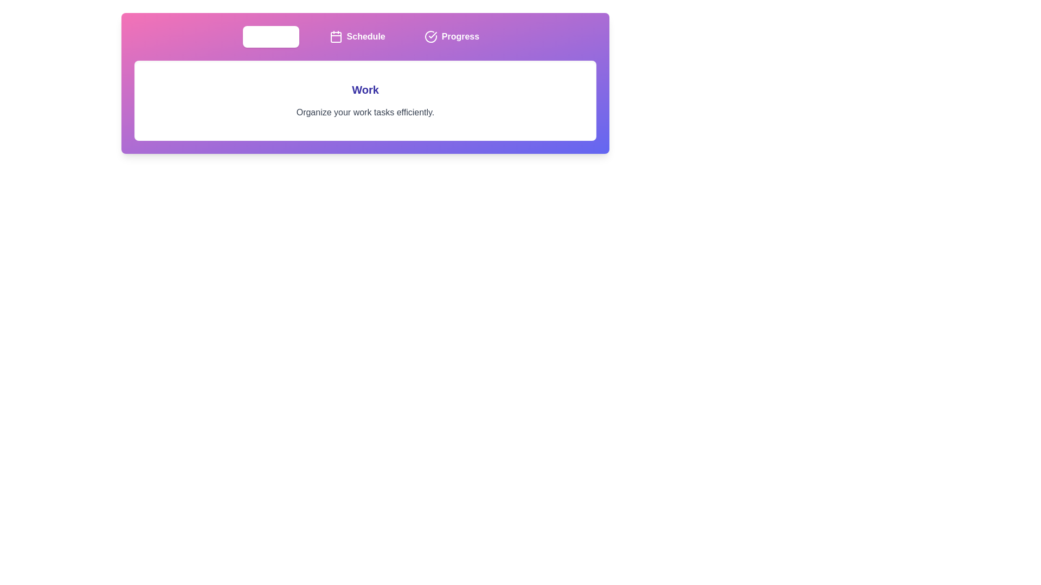 This screenshot has height=585, width=1041. Describe the element at coordinates (271, 36) in the screenshot. I see `the tab labeled Work` at that location.